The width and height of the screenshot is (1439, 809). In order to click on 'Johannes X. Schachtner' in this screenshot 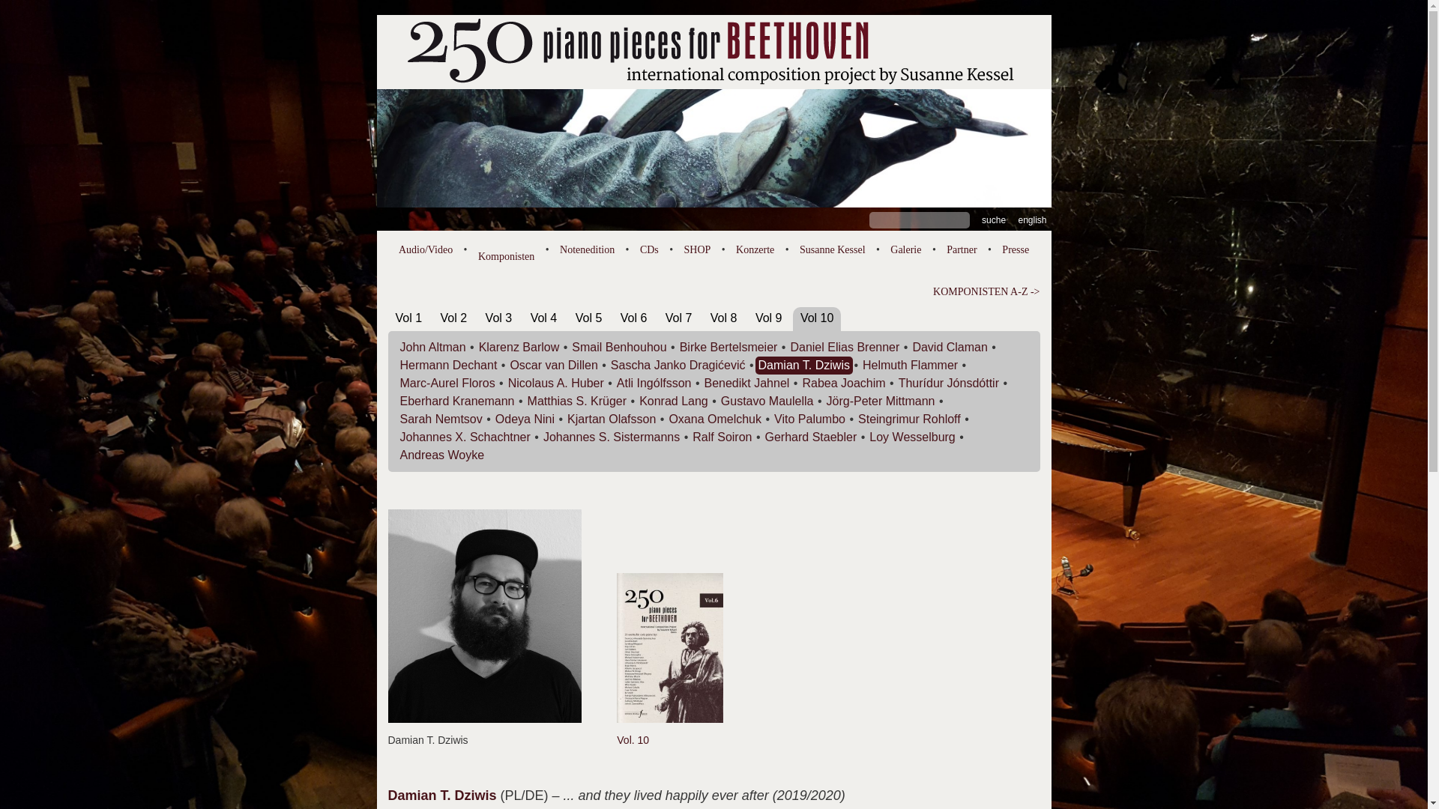, I will do `click(399, 437)`.